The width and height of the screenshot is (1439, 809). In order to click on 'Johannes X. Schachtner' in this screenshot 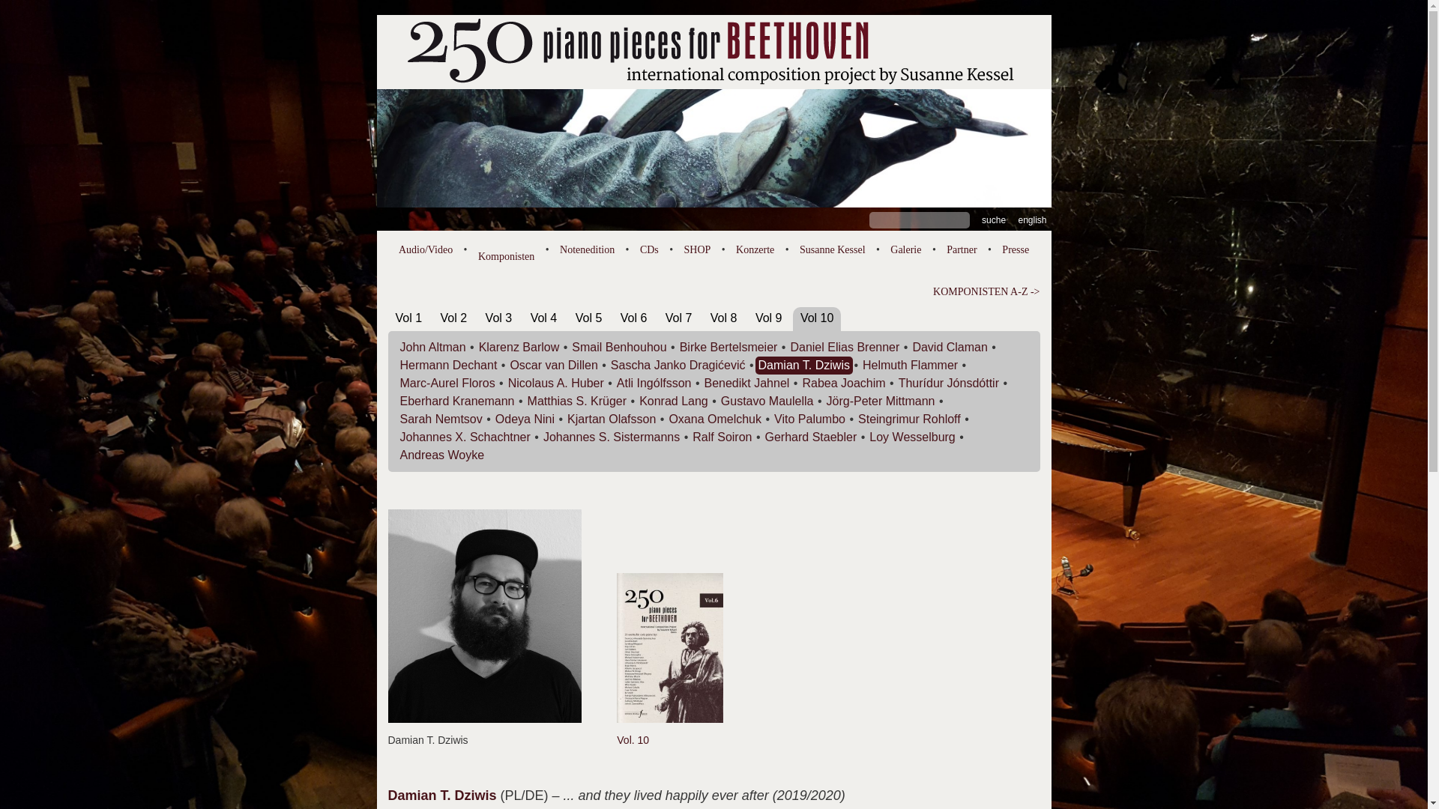, I will do `click(399, 437)`.